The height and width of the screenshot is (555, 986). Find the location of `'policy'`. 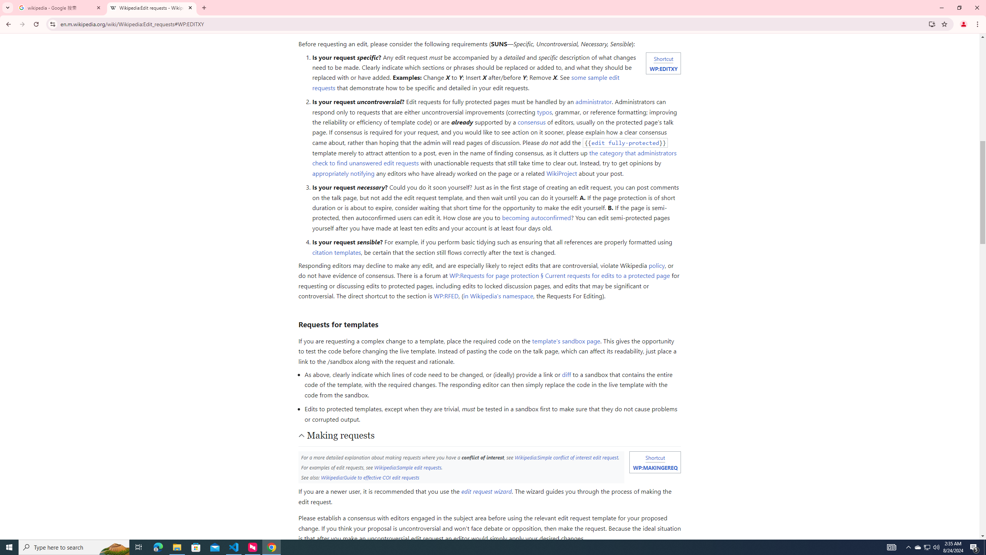

'policy' is located at coordinates (656, 264).